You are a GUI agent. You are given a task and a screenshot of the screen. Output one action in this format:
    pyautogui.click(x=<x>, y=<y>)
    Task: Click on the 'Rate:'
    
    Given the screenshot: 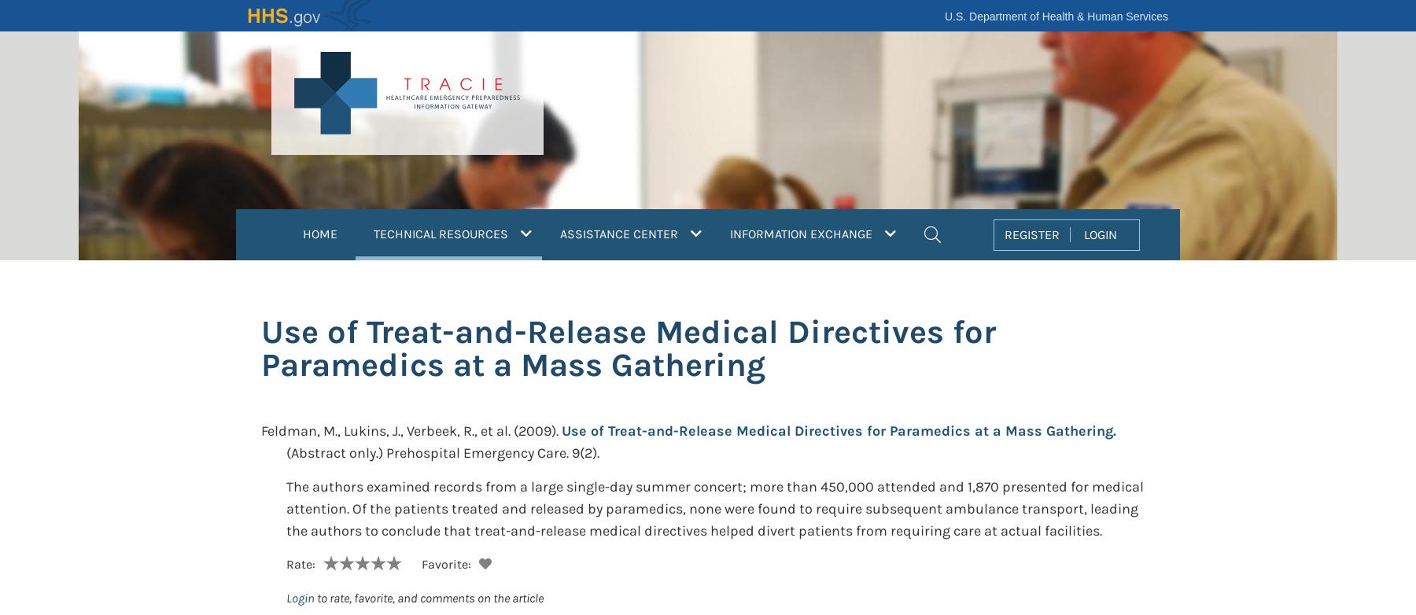 What is the action you would take?
    pyautogui.click(x=301, y=563)
    